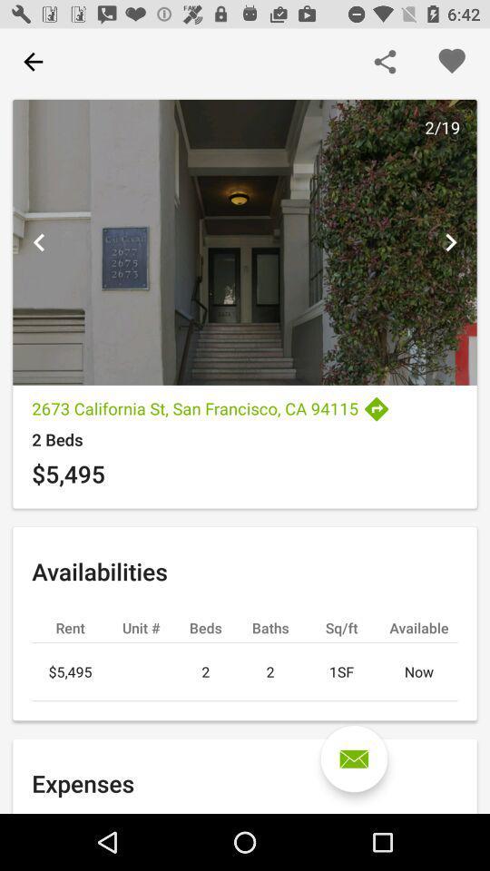  Describe the element at coordinates (449, 241) in the screenshot. I see `next picture` at that location.